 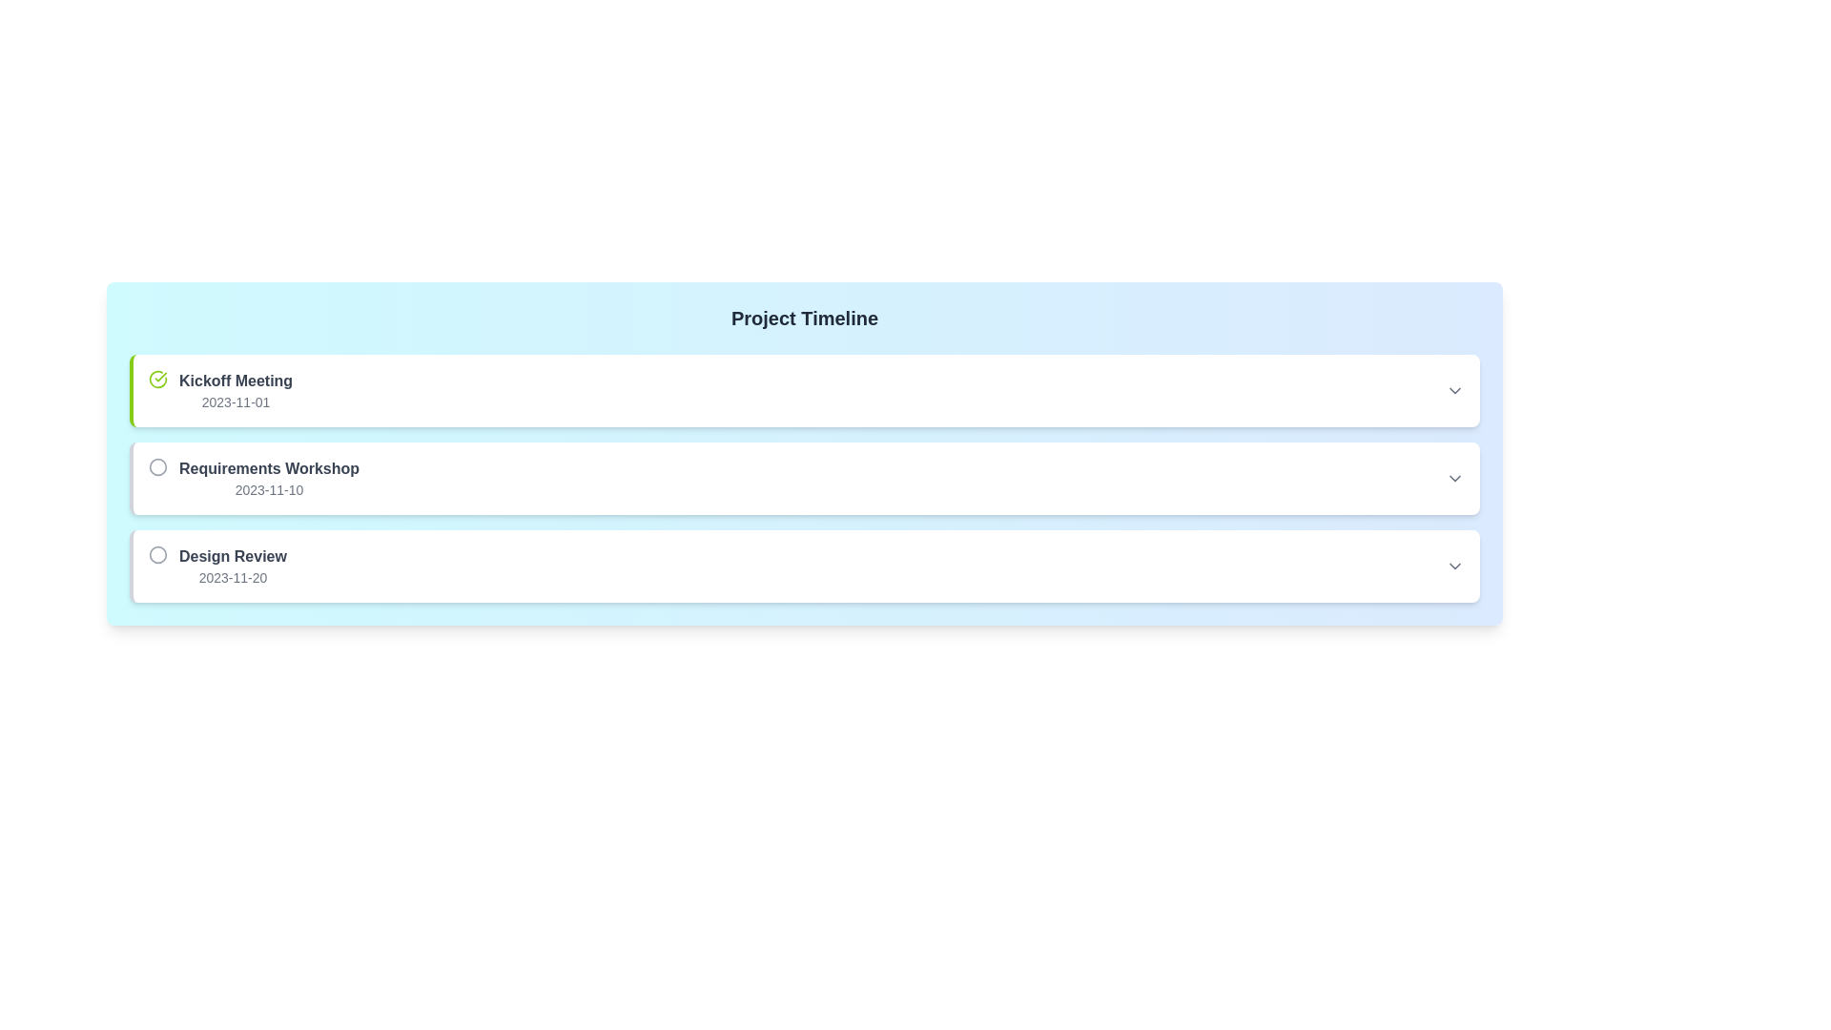 I want to click on the Text Label that serves as the title for an event entry in the Project Timeline, positioned above the date '2023-11-01', so click(x=235, y=381).